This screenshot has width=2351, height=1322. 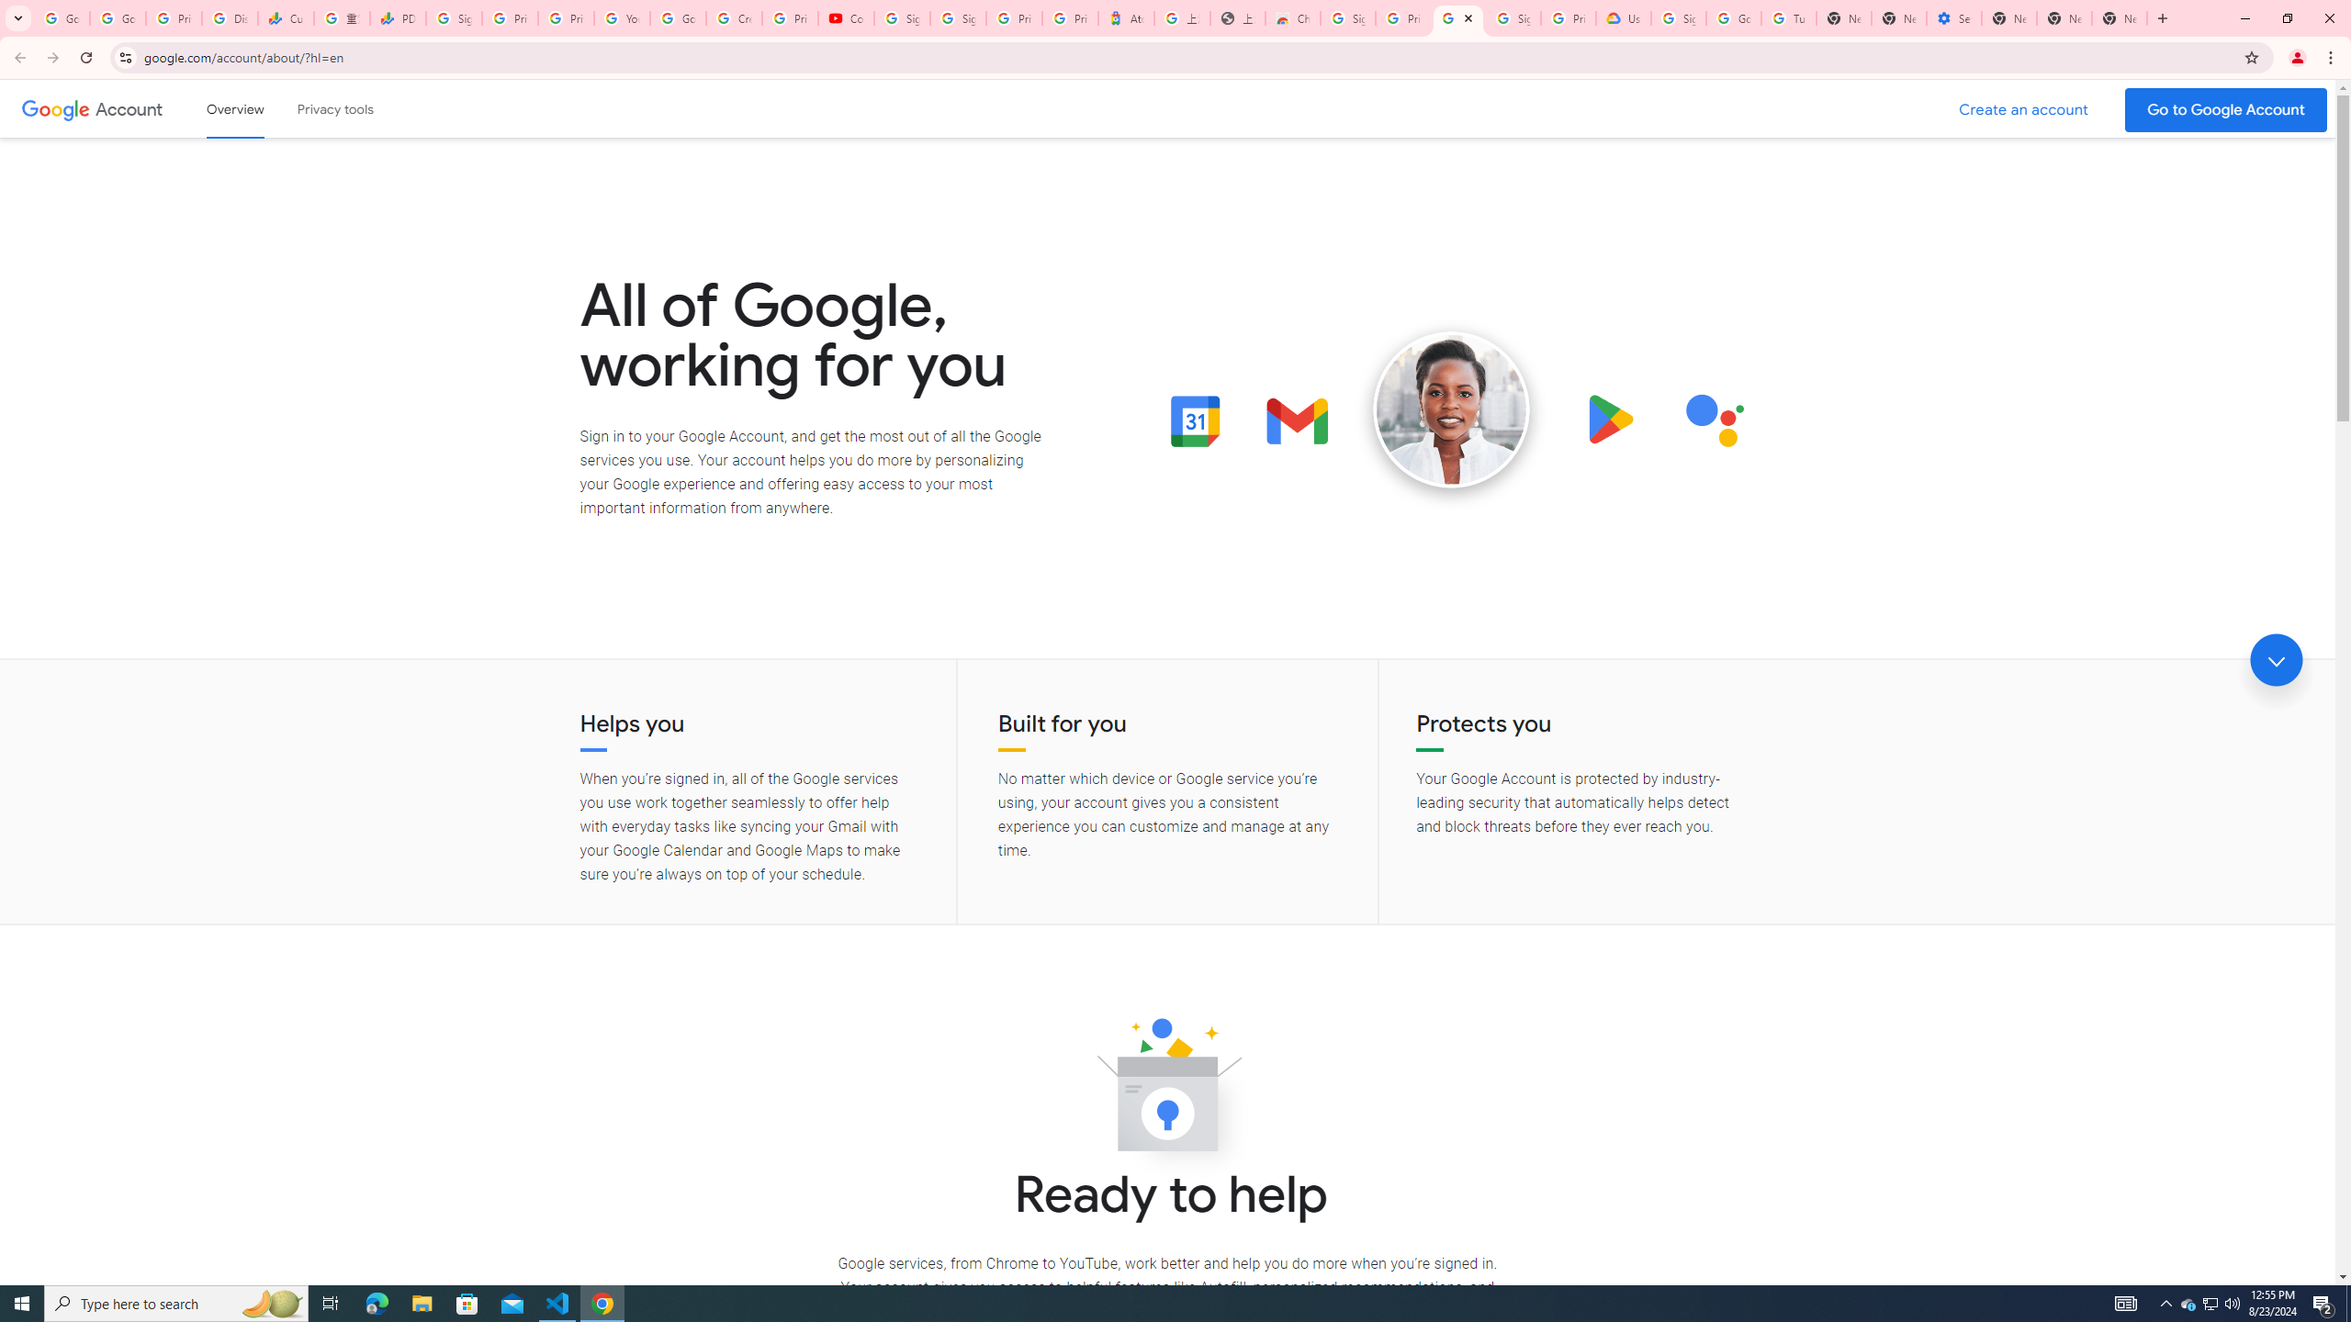 I want to click on 'Content Creator Programs & Opportunities - YouTube Creators', so click(x=846, y=17).